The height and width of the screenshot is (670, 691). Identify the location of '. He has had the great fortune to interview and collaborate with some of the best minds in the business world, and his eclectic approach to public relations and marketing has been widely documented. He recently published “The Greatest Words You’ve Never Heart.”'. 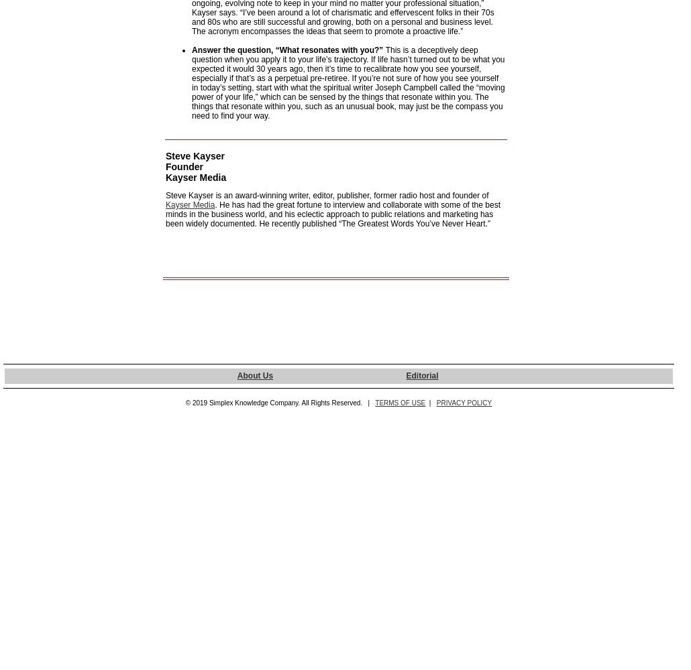
(332, 214).